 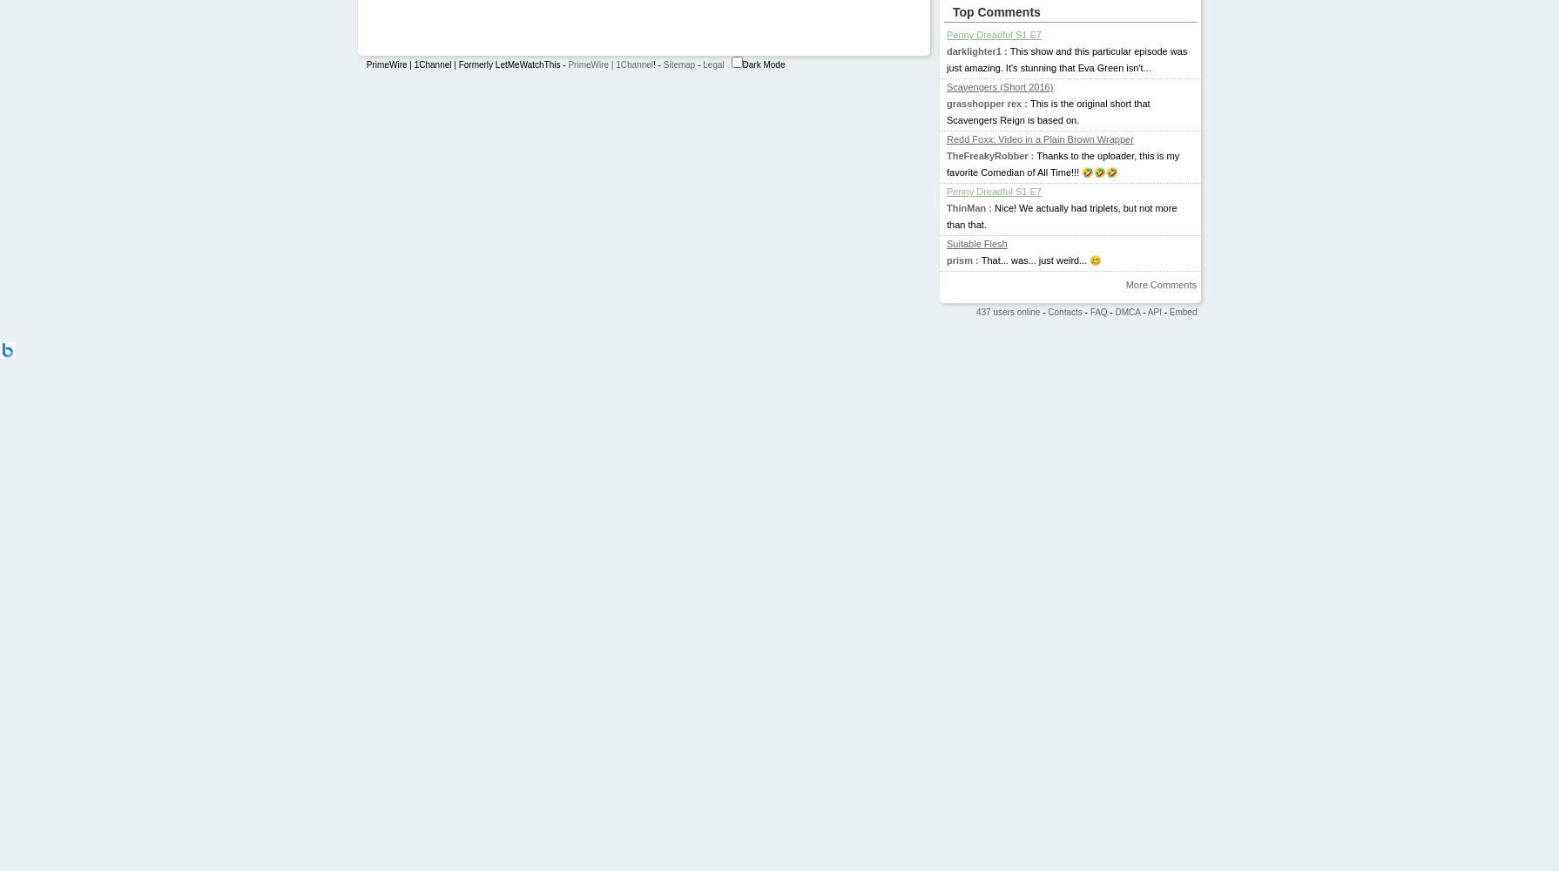 What do you see at coordinates (995, 12) in the screenshot?
I see `'Top Comments'` at bounding box center [995, 12].